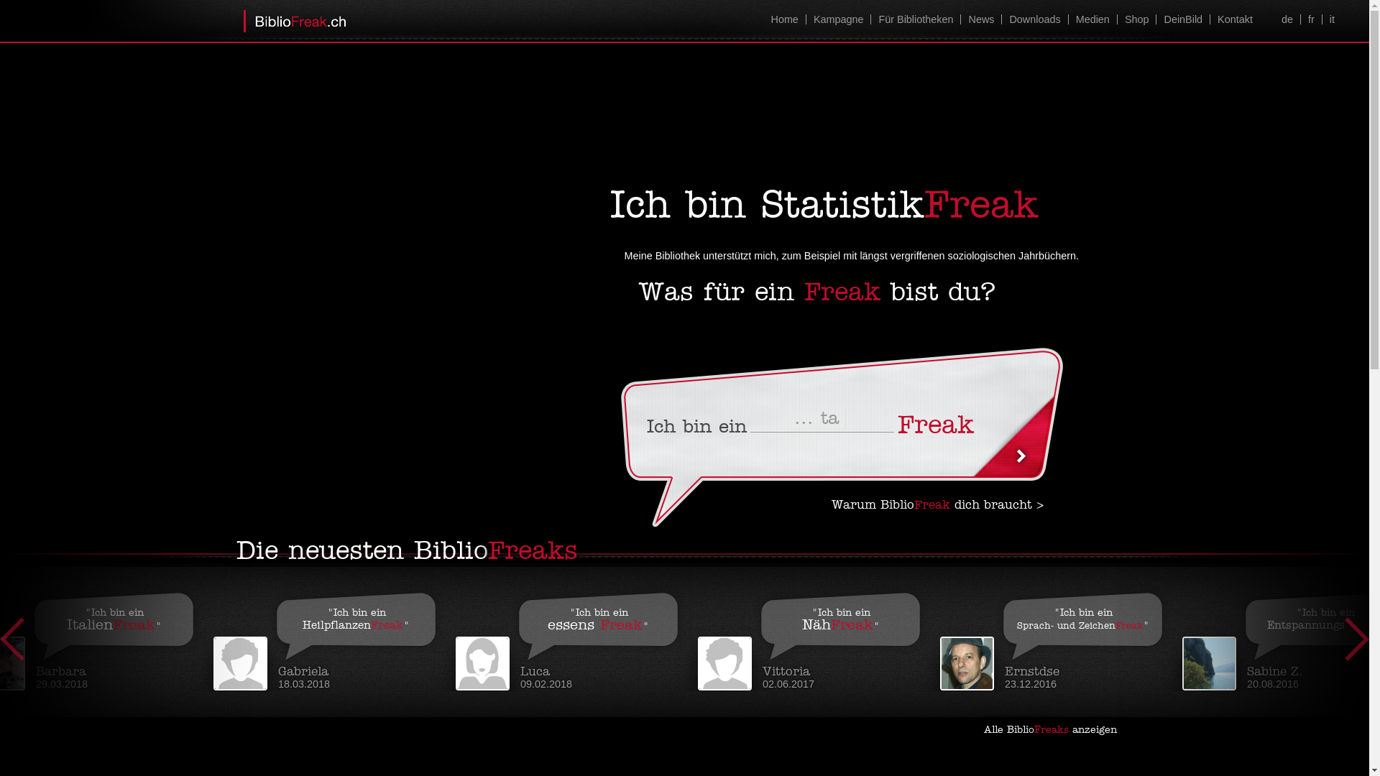  Describe the element at coordinates (1330, 19) in the screenshot. I see `'it'` at that location.